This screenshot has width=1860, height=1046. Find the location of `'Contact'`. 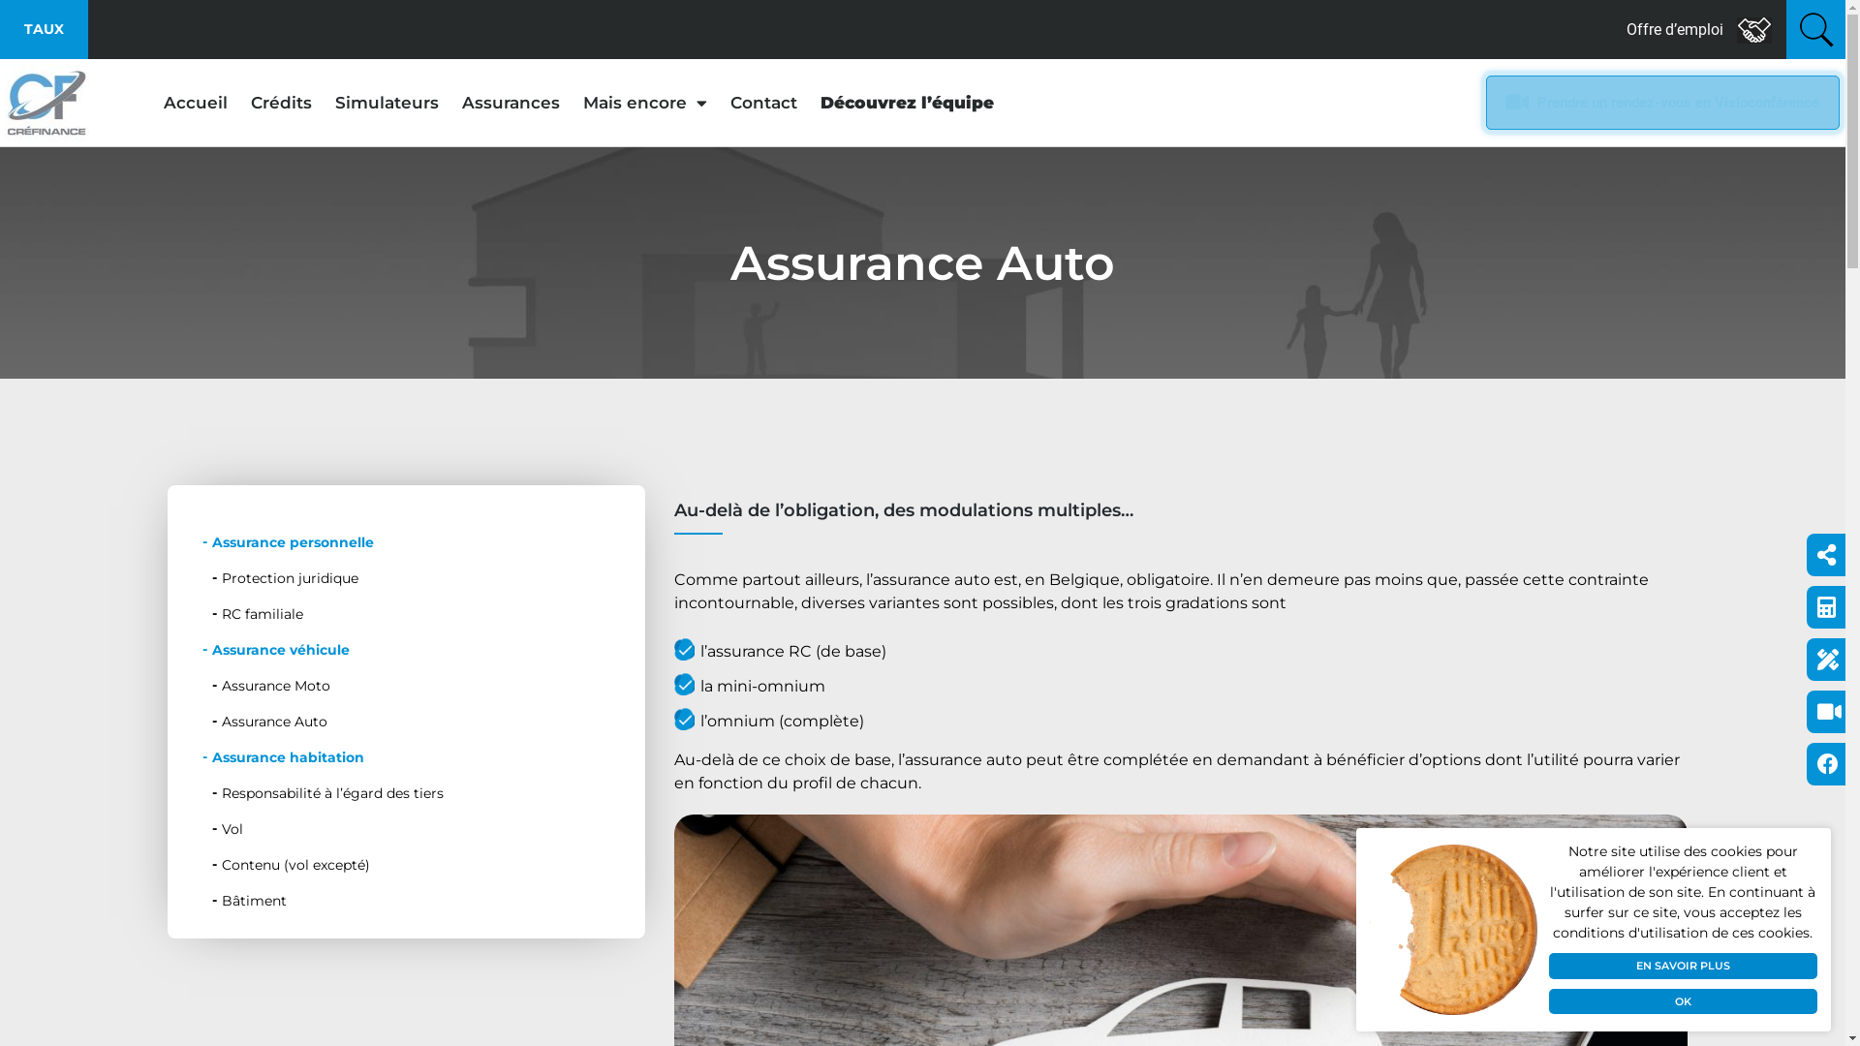

'Contact' is located at coordinates (762, 102).